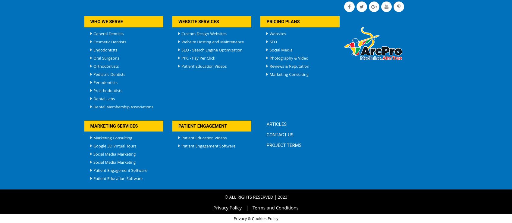  I want to click on 'Periodontists', so click(104, 82).